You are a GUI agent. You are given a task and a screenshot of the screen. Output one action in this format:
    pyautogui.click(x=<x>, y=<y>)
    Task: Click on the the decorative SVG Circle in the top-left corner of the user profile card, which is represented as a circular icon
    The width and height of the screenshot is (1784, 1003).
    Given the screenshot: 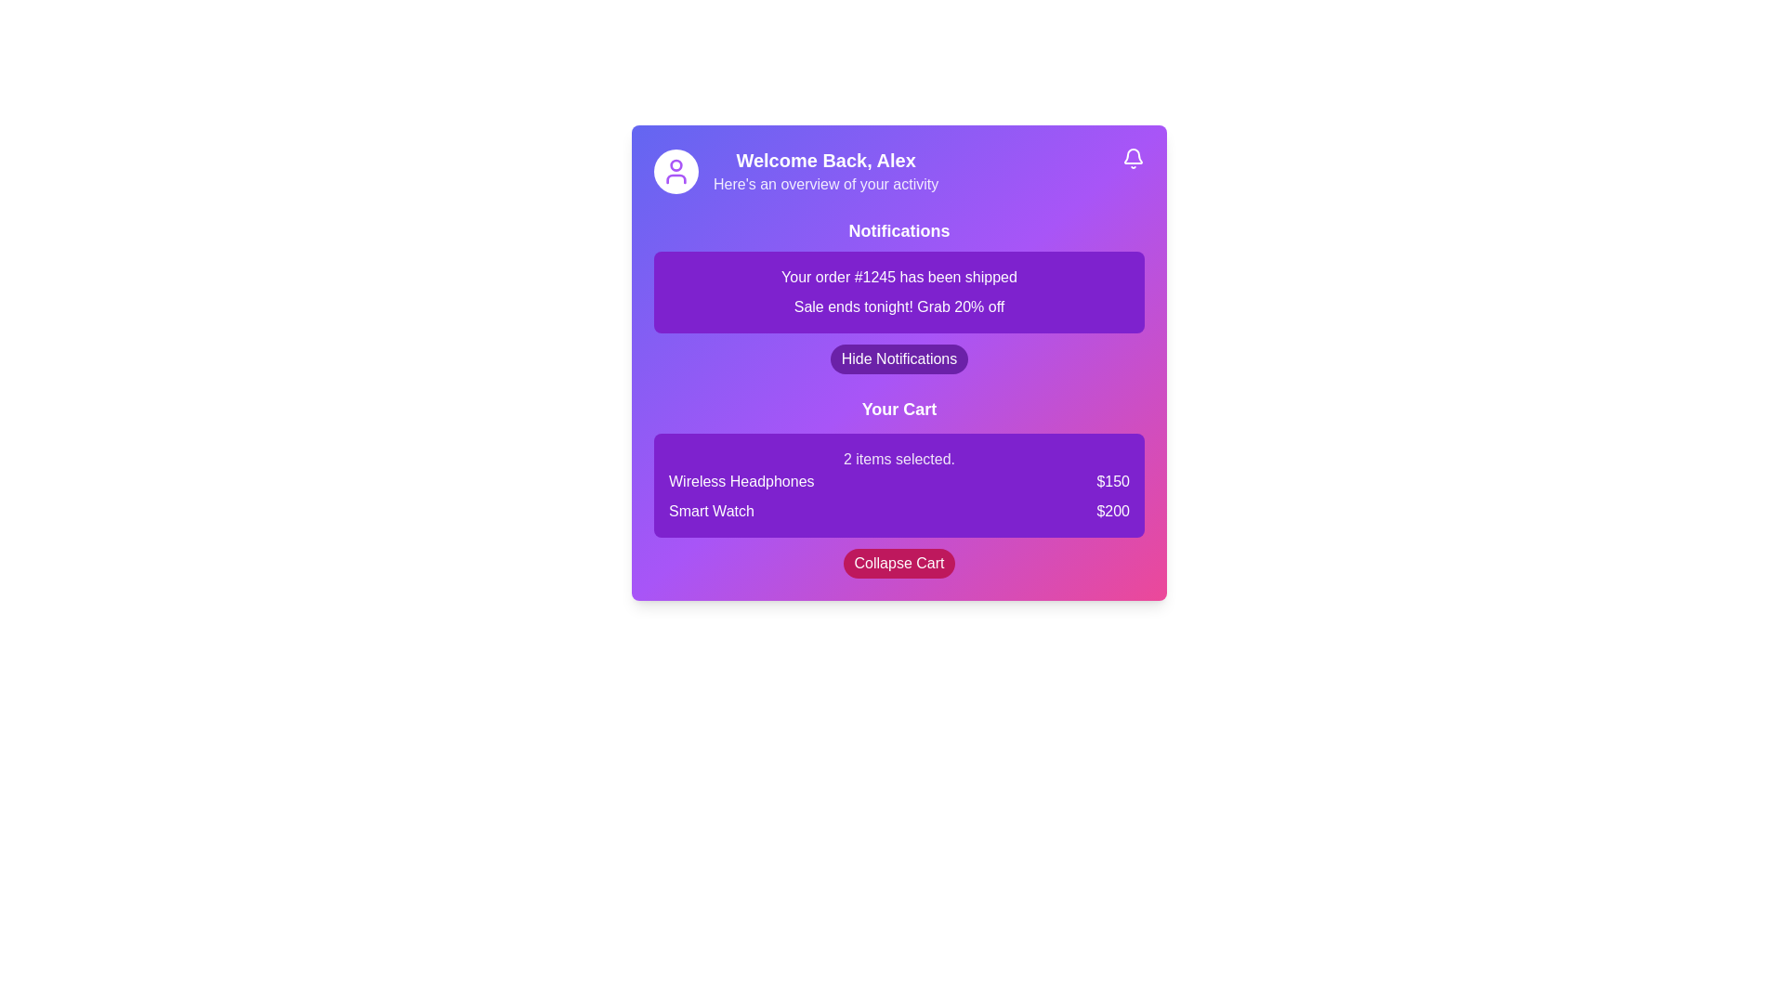 What is the action you would take?
    pyautogui.click(x=676, y=163)
    